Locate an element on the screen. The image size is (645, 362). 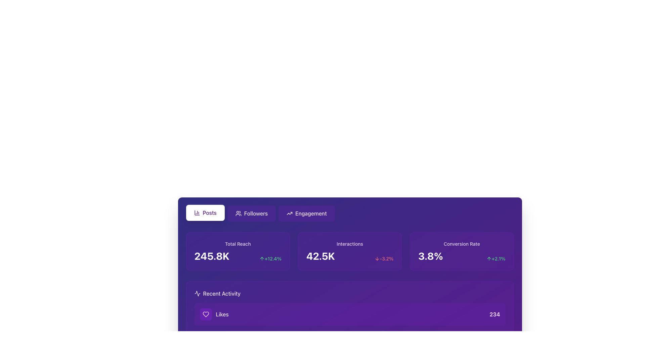
displayed value '42.5K' from the text display that shows interactions data in bold white font on a purple background is located at coordinates (320, 256).